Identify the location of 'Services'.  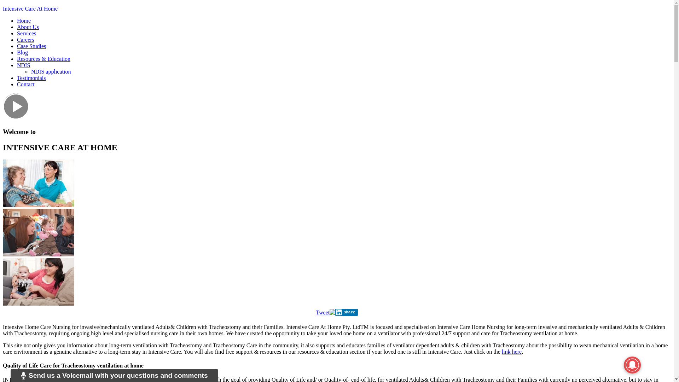
(27, 33).